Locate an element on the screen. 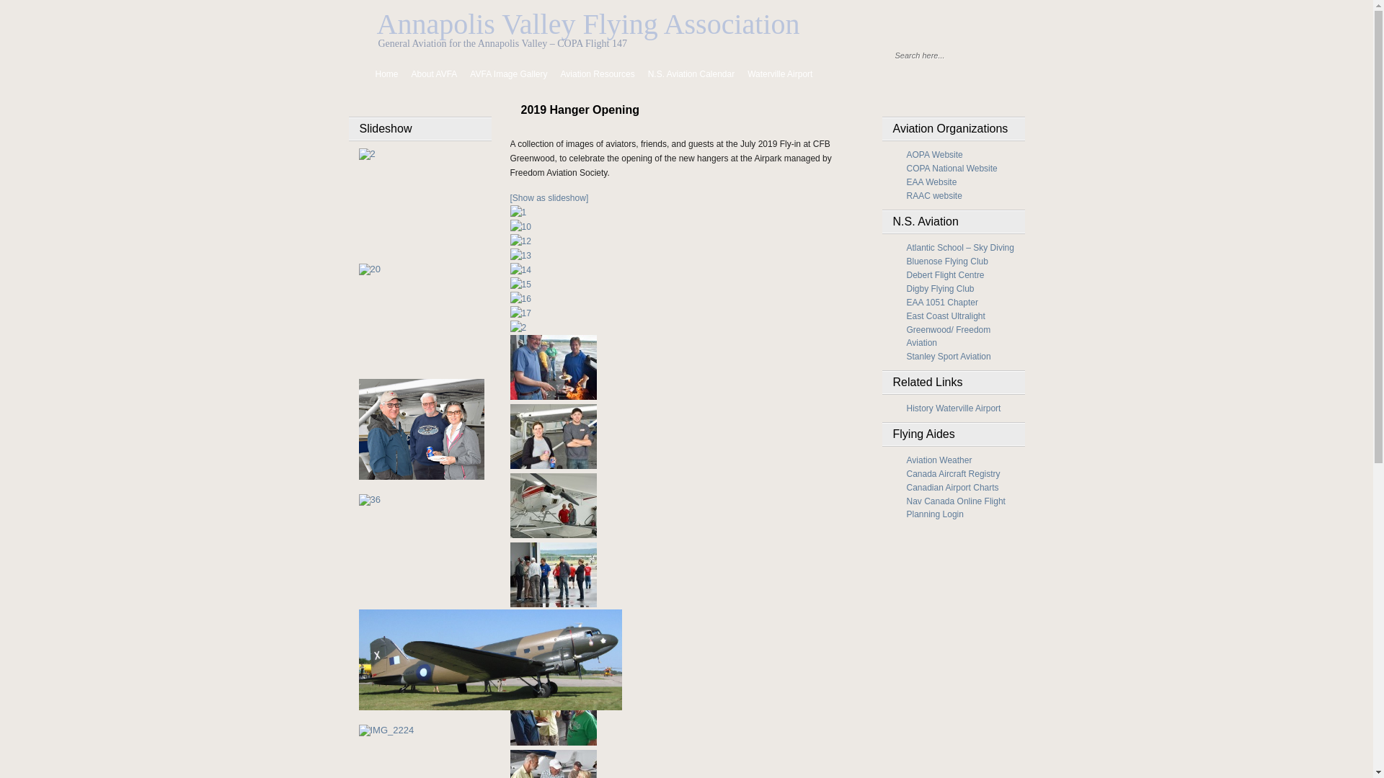  'Bluenose Flying Club' is located at coordinates (947, 261).